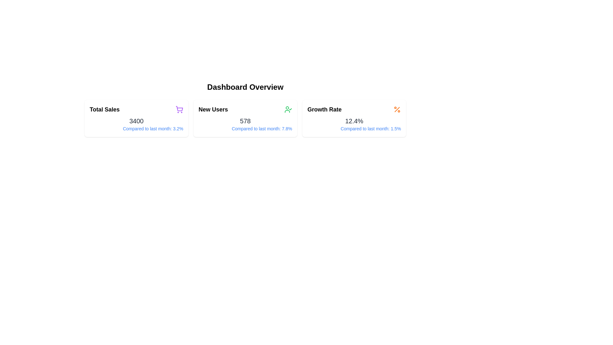 The image size is (613, 345). What do you see at coordinates (136, 118) in the screenshot?
I see `information displayed on the Information Display Card located at the top left position of the grid layout, which summarizes the total sales metric and its change compared to the previous month` at bounding box center [136, 118].